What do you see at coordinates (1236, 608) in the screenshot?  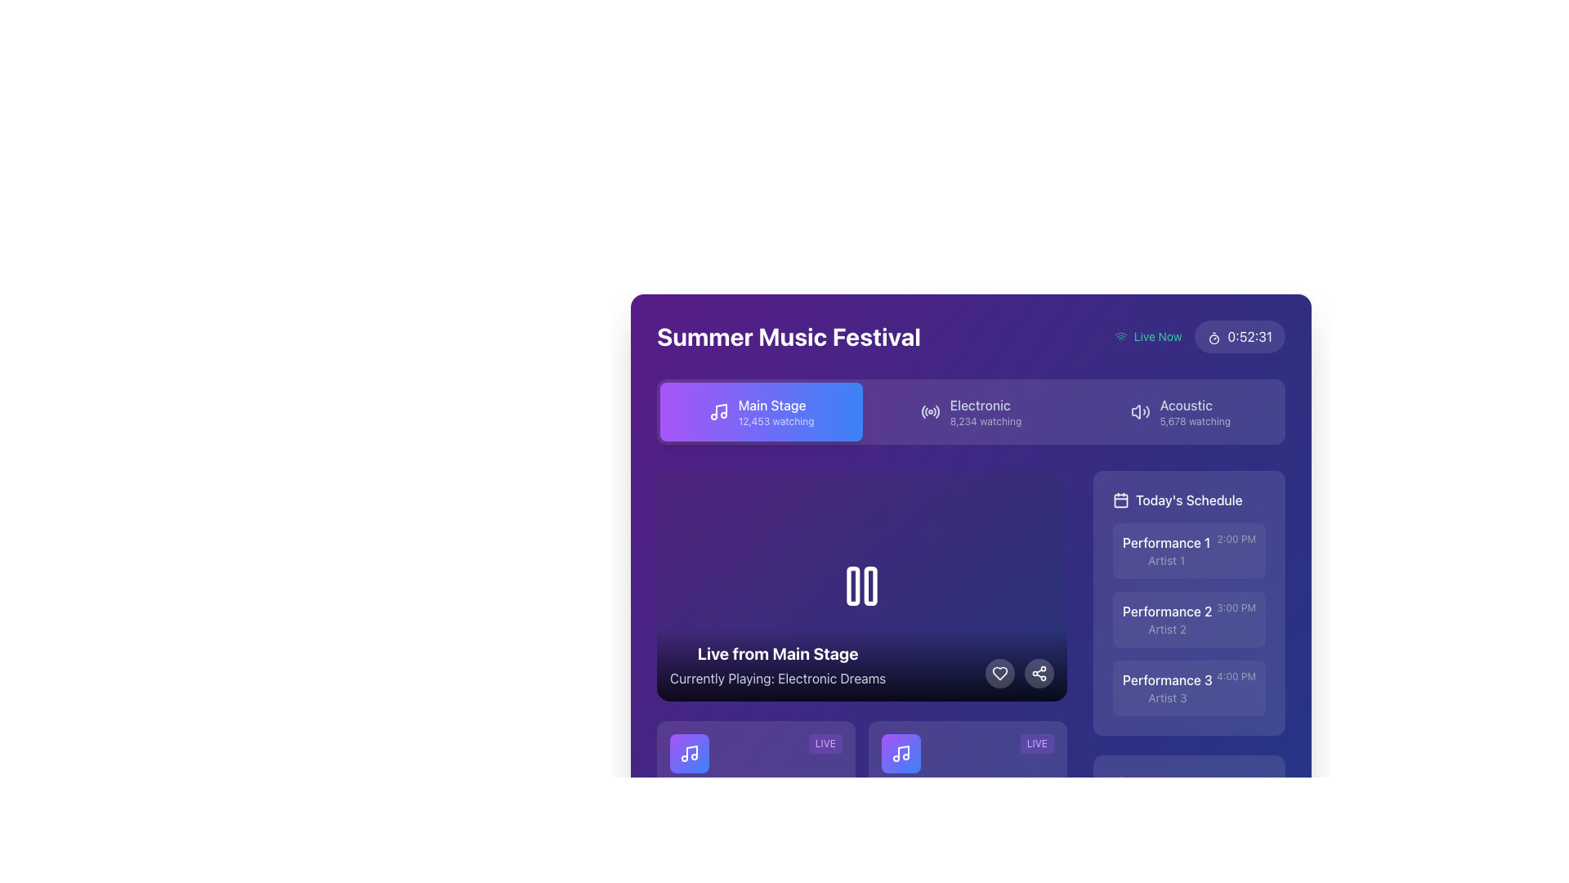 I see `the Text label indicating the scheduled time for 'Performance 2' under 'Today's Schedule' section` at bounding box center [1236, 608].